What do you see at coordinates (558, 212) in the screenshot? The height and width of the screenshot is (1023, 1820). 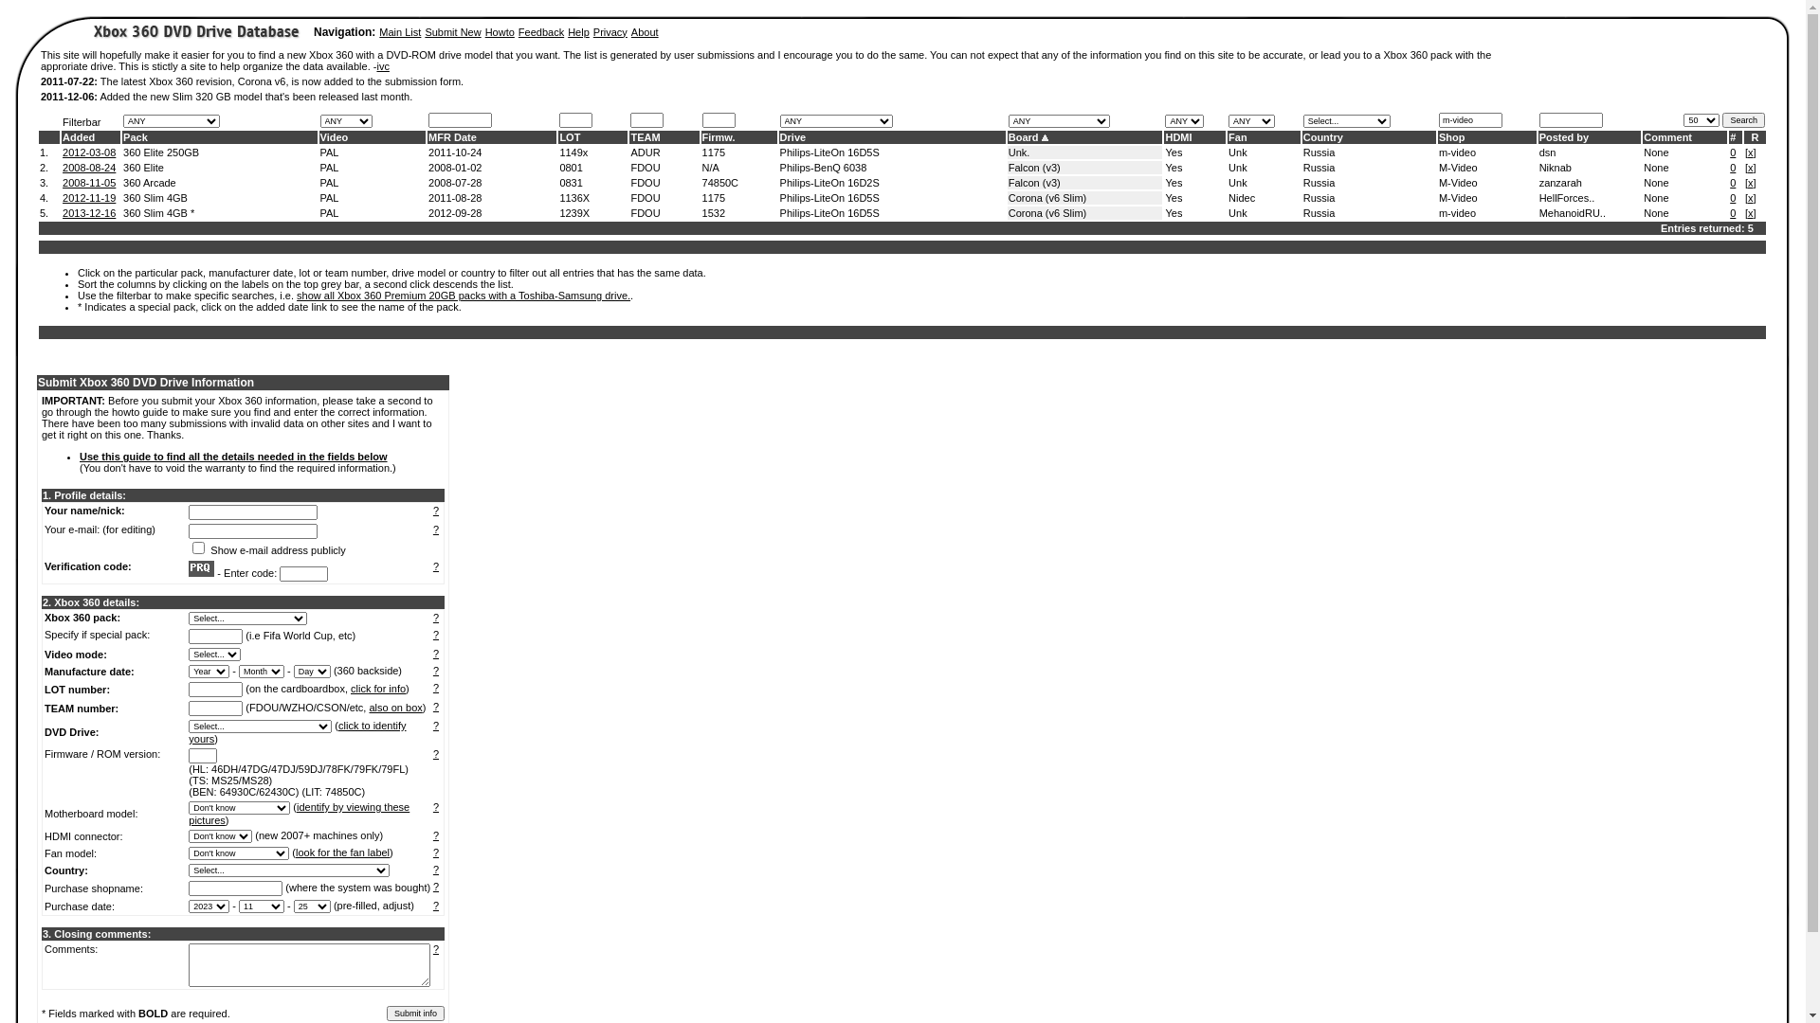 I see `'1239X'` at bounding box center [558, 212].